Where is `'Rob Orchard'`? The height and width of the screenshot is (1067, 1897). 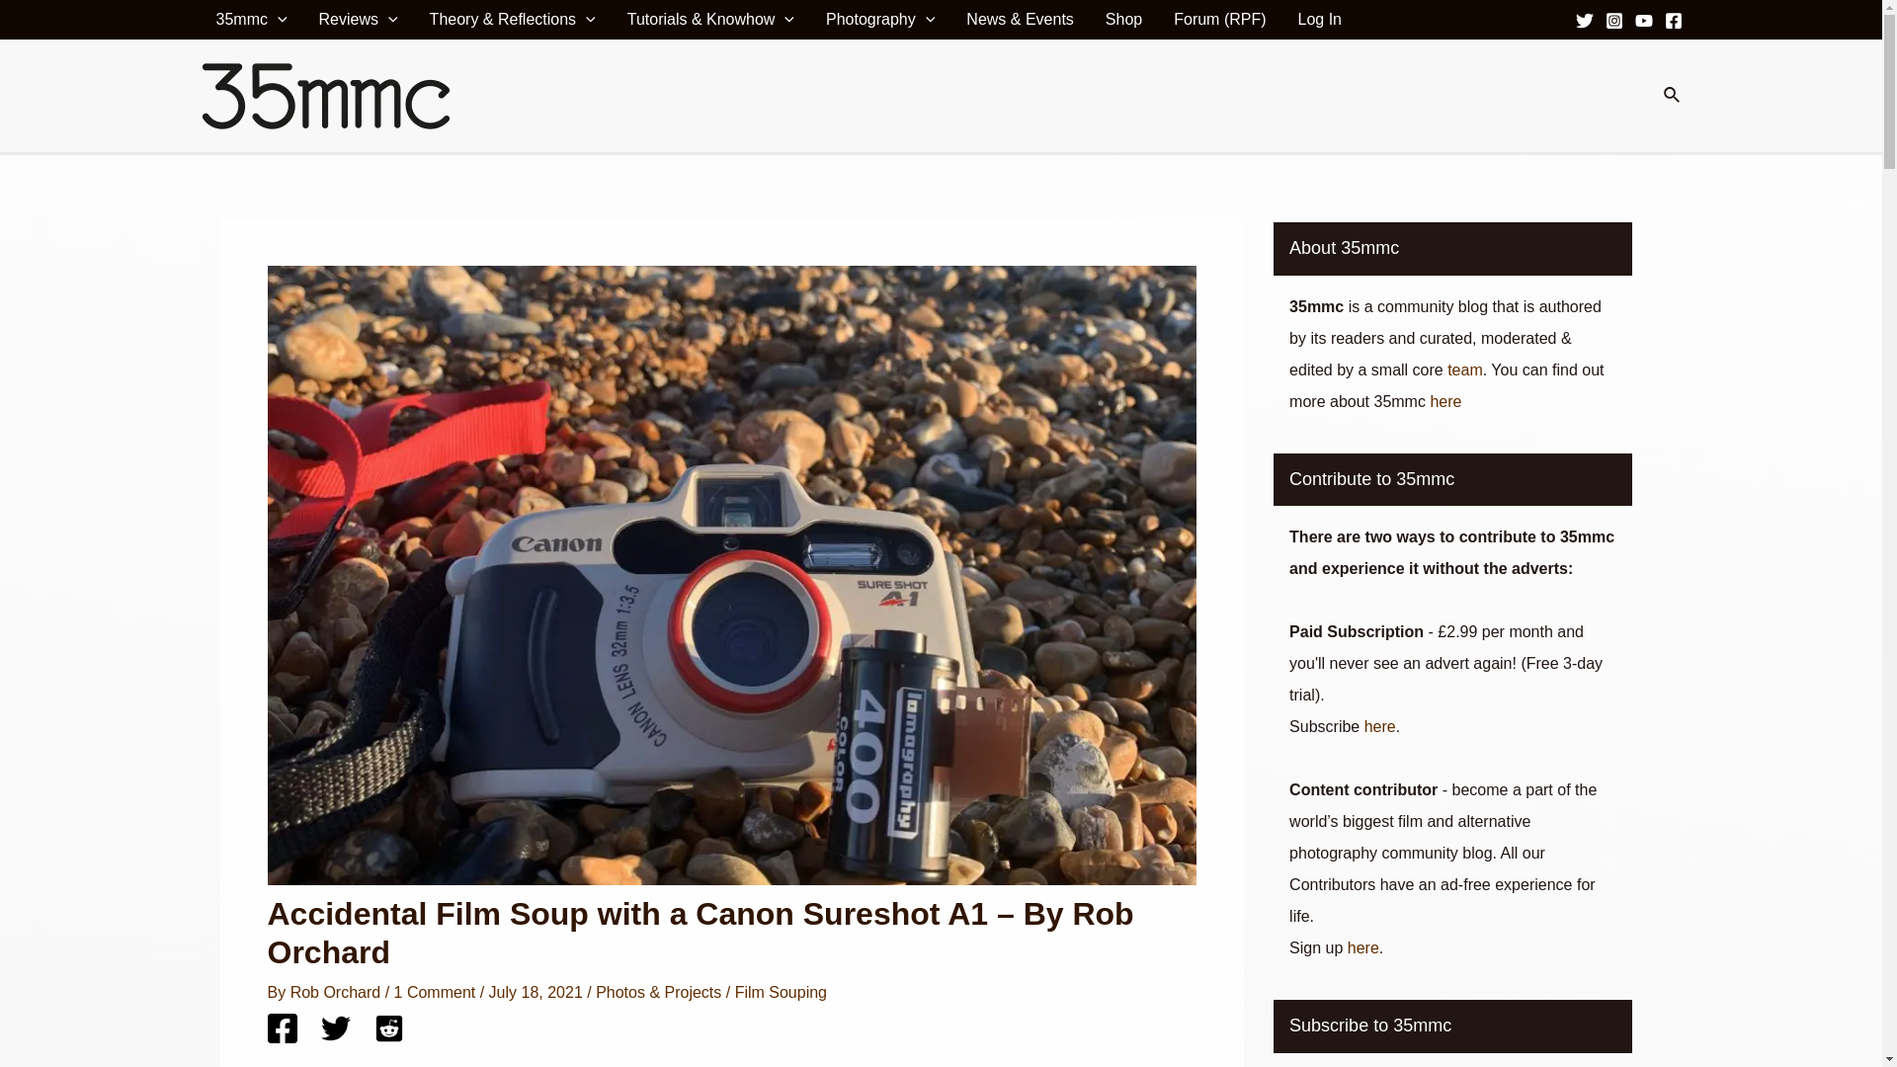
'Rob Orchard' is located at coordinates (337, 992).